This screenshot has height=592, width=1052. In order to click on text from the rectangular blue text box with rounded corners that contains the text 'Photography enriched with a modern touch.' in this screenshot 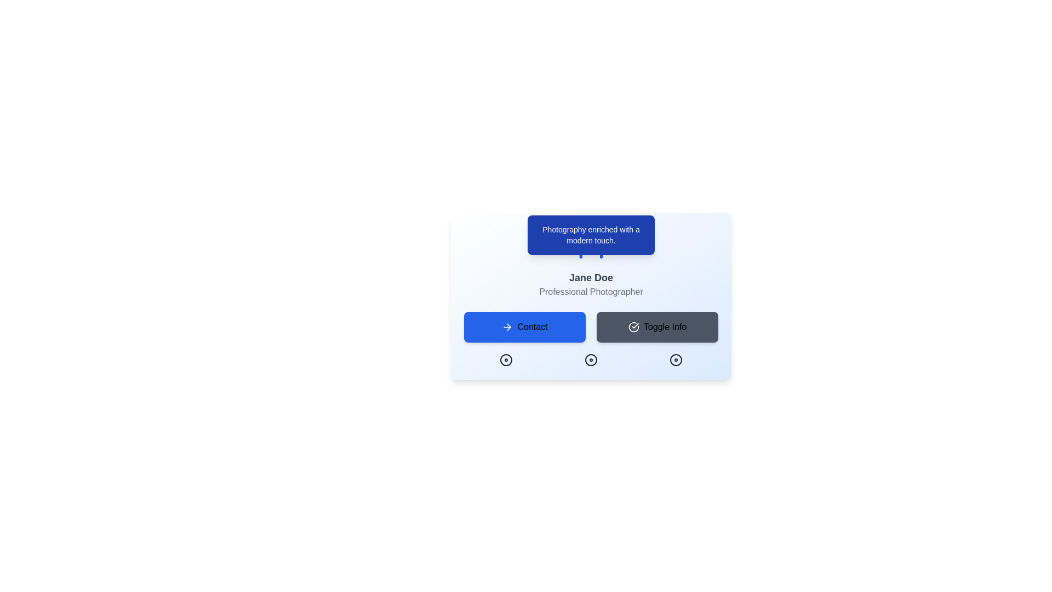, I will do `click(591, 234)`.